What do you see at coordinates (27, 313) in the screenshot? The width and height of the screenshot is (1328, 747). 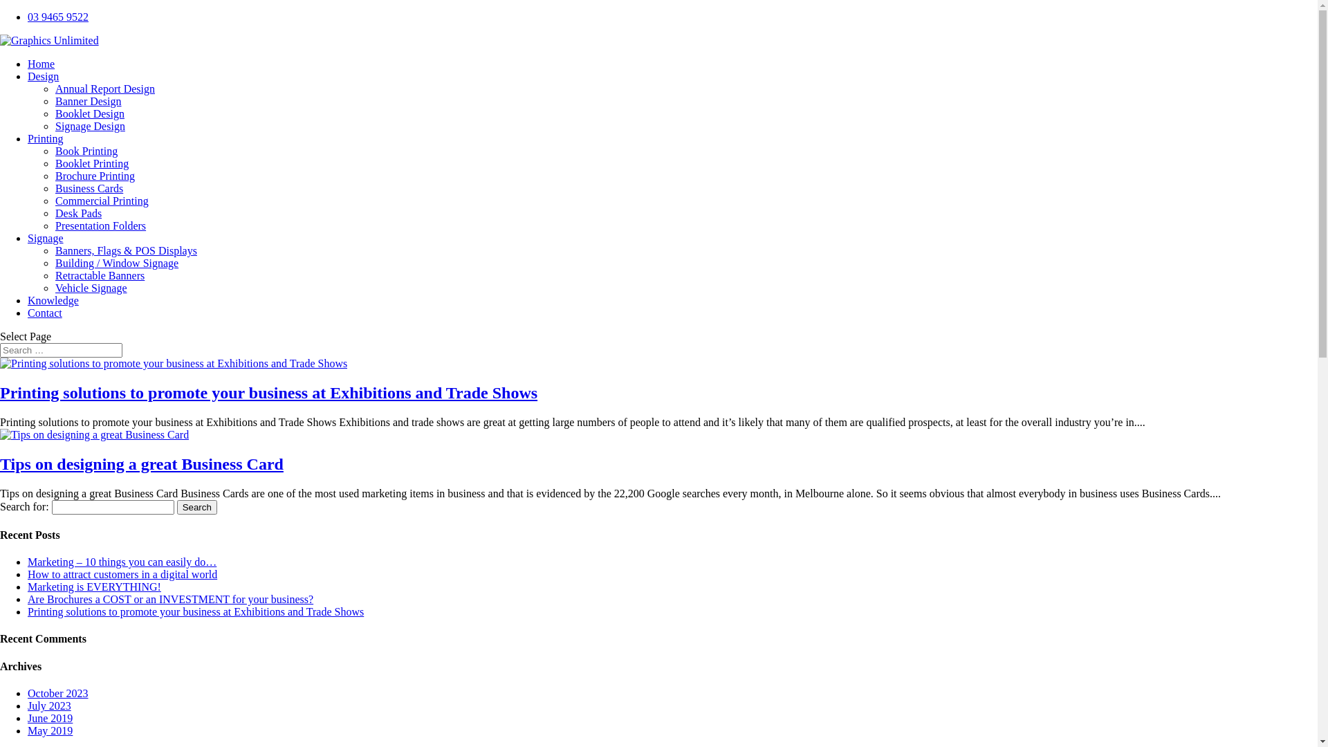 I see `'Contact'` at bounding box center [27, 313].